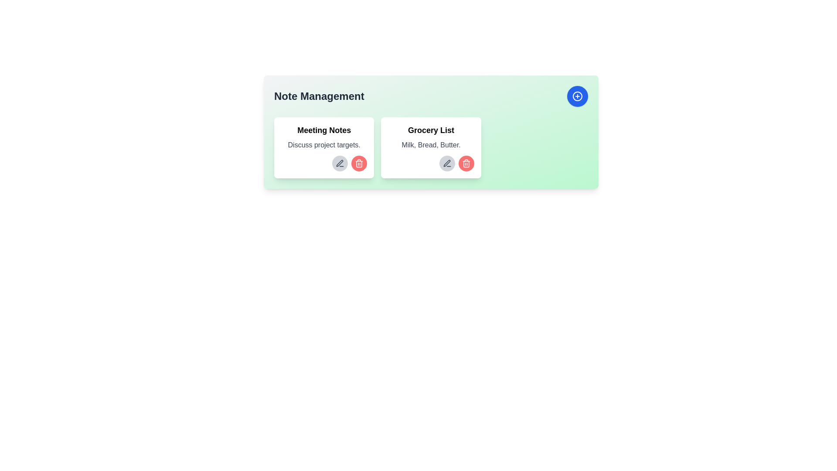 This screenshot has height=471, width=837. I want to click on the delete button located in the bottom-right corner of the 'Grocery List' card to initiate a delete action, so click(466, 163).